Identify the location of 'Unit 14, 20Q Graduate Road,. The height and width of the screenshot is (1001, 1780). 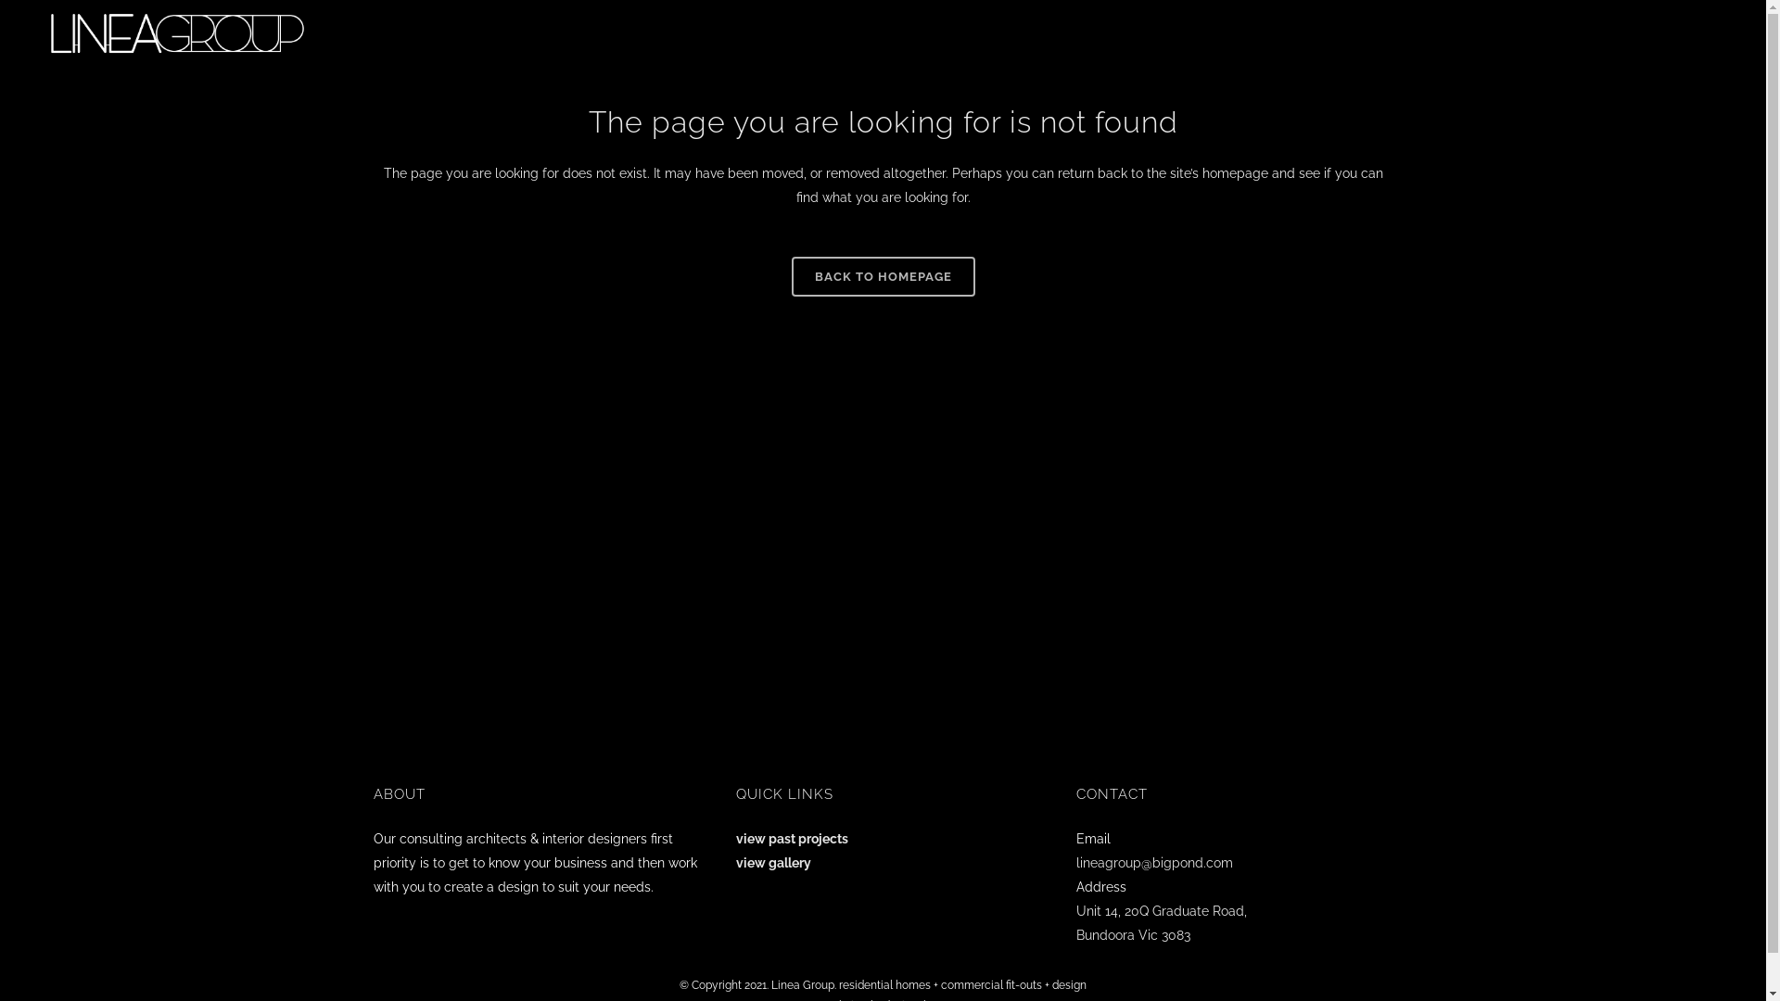
(1160, 922).